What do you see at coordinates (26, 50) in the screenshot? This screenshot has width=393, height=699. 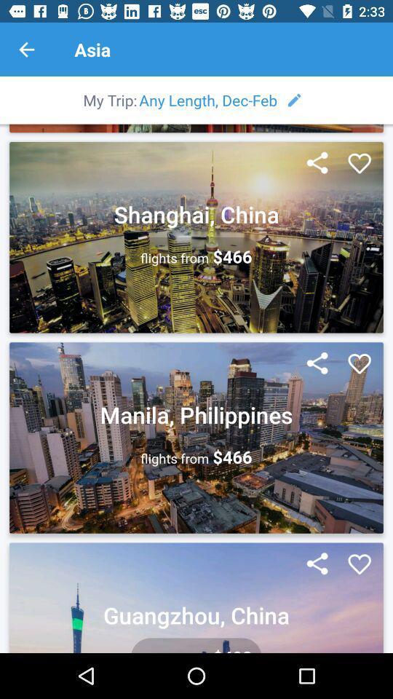 I see `the previous page` at bounding box center [26, 50].